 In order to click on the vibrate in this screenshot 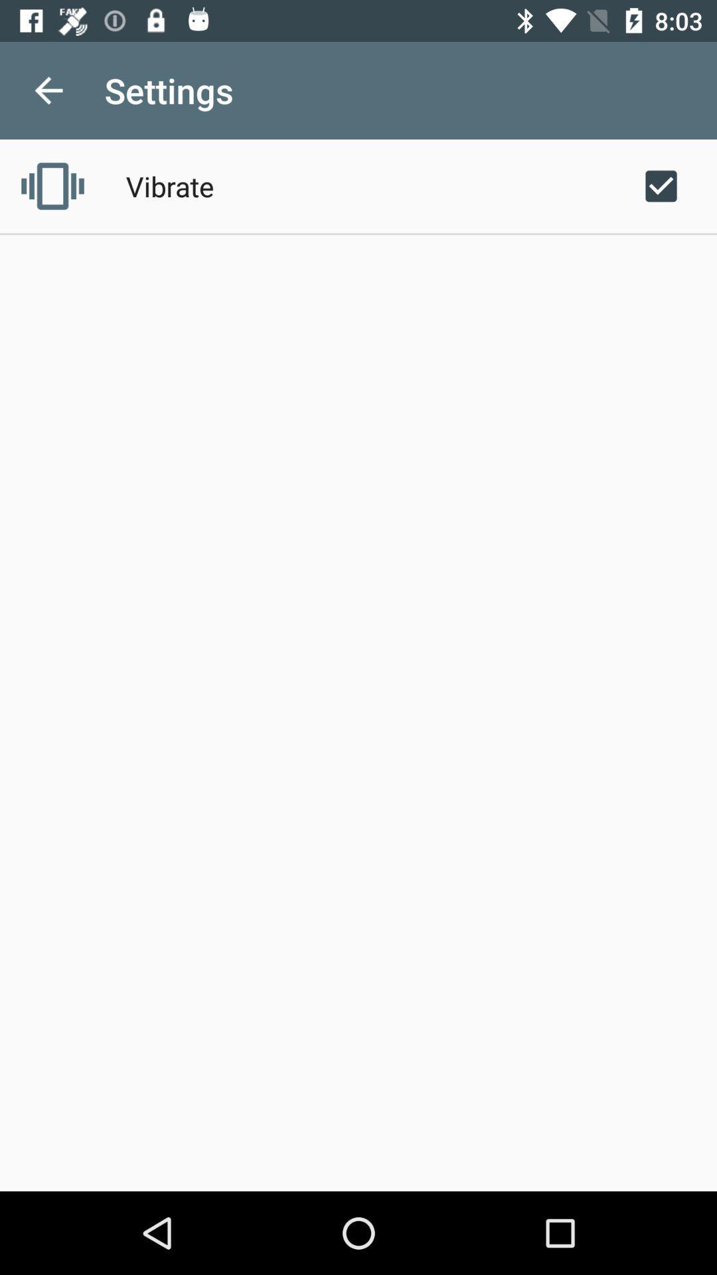, I will do `click(169, 185)`.